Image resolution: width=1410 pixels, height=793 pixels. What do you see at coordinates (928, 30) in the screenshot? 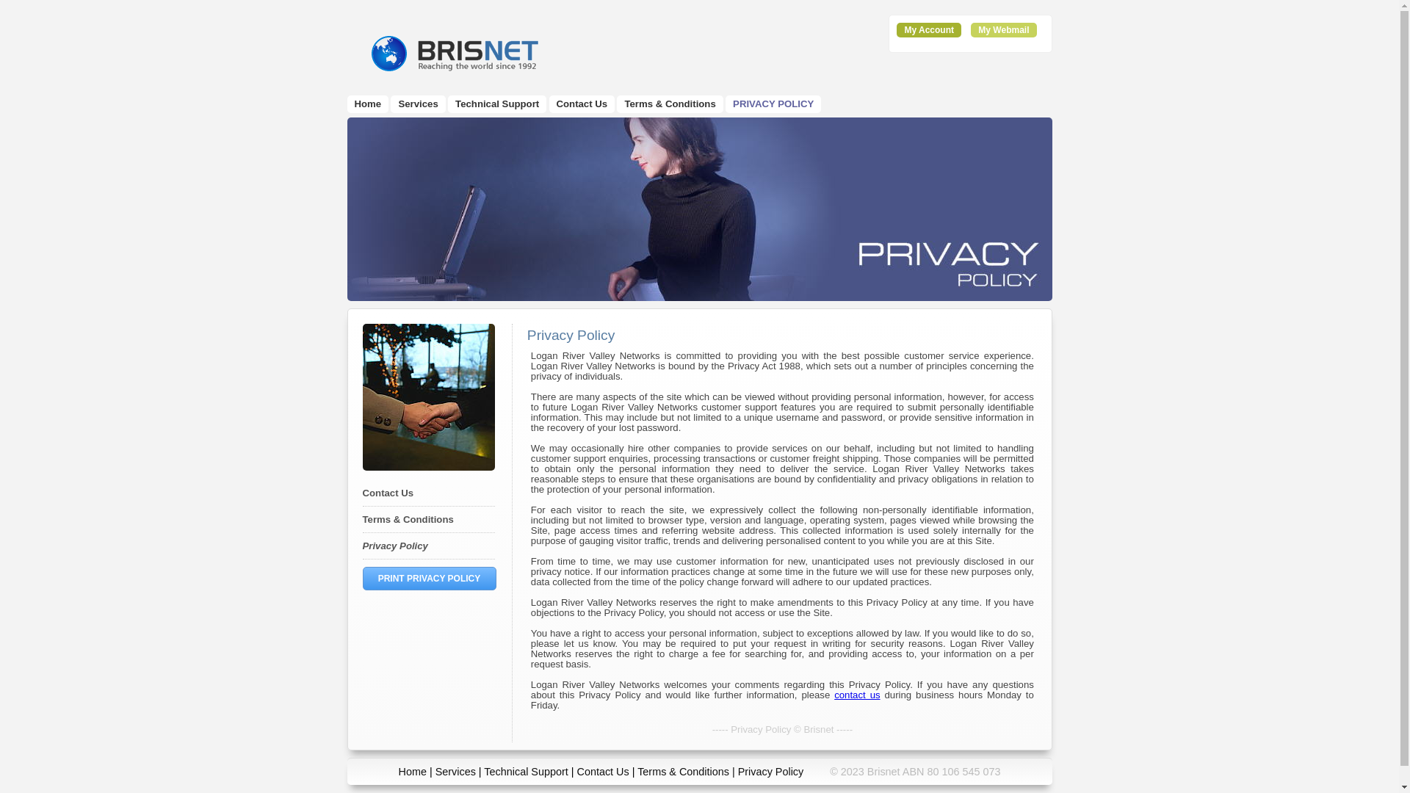
I see `'My Account'` at bounding box center [928, 30].